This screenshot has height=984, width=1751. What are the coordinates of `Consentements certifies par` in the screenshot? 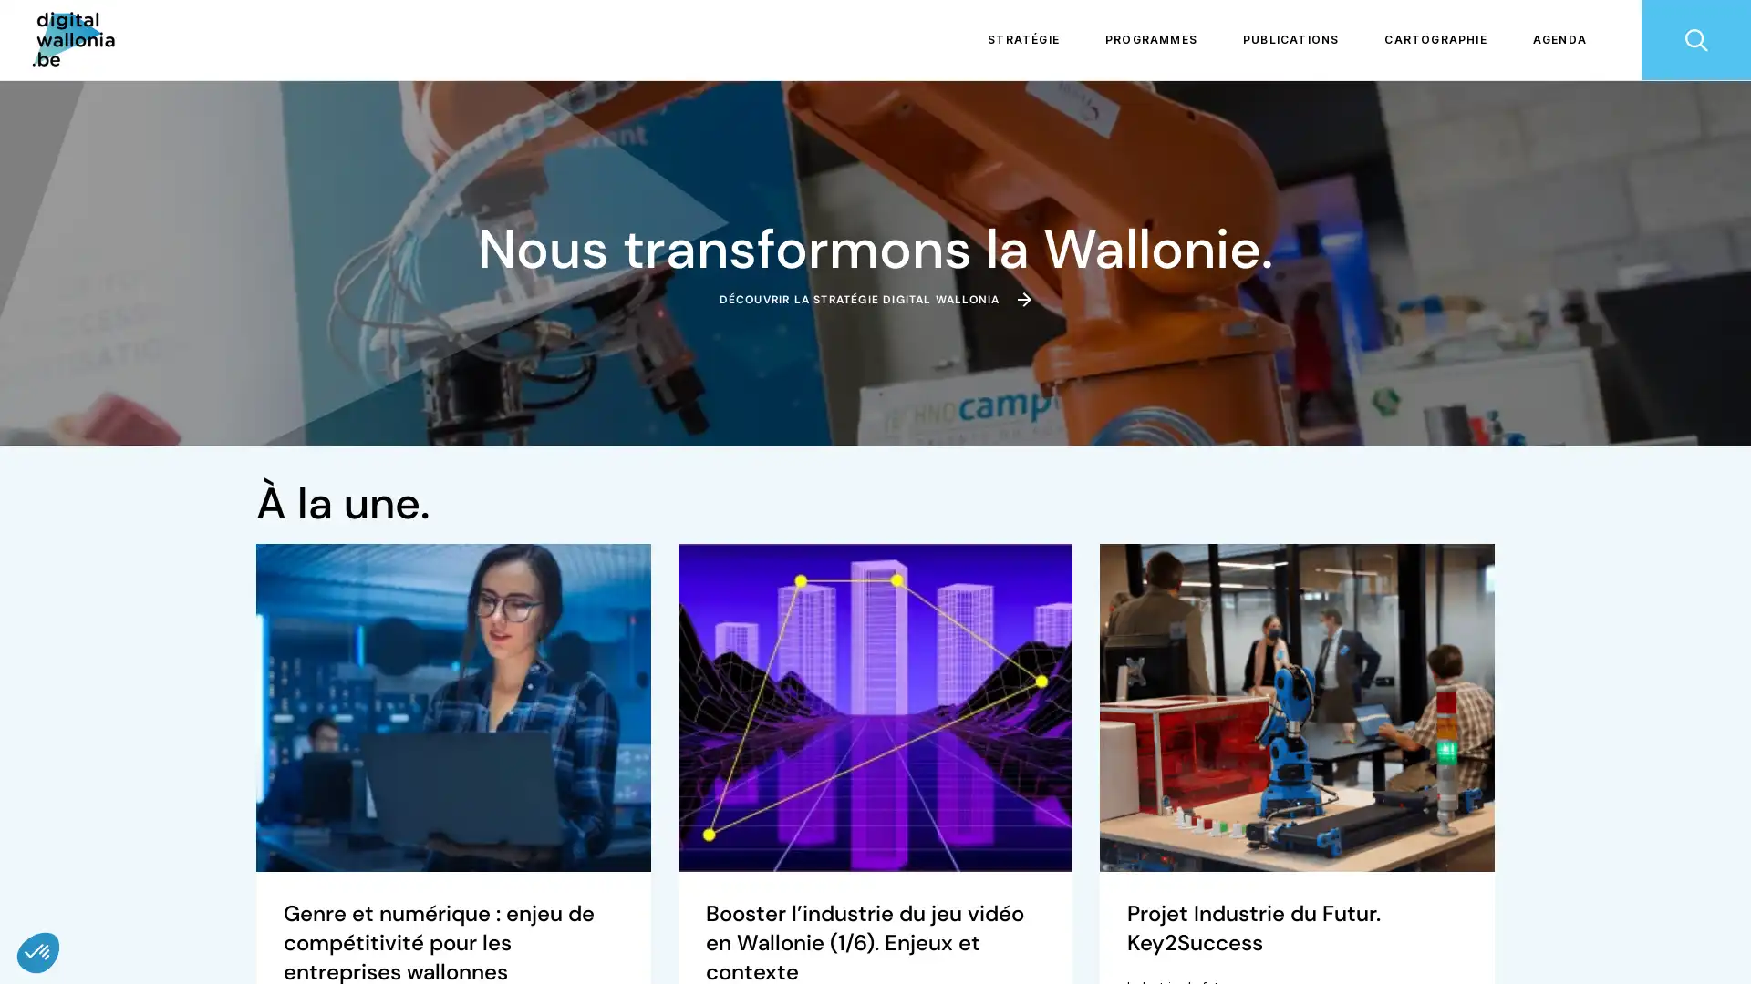 It's located at (209, 860).